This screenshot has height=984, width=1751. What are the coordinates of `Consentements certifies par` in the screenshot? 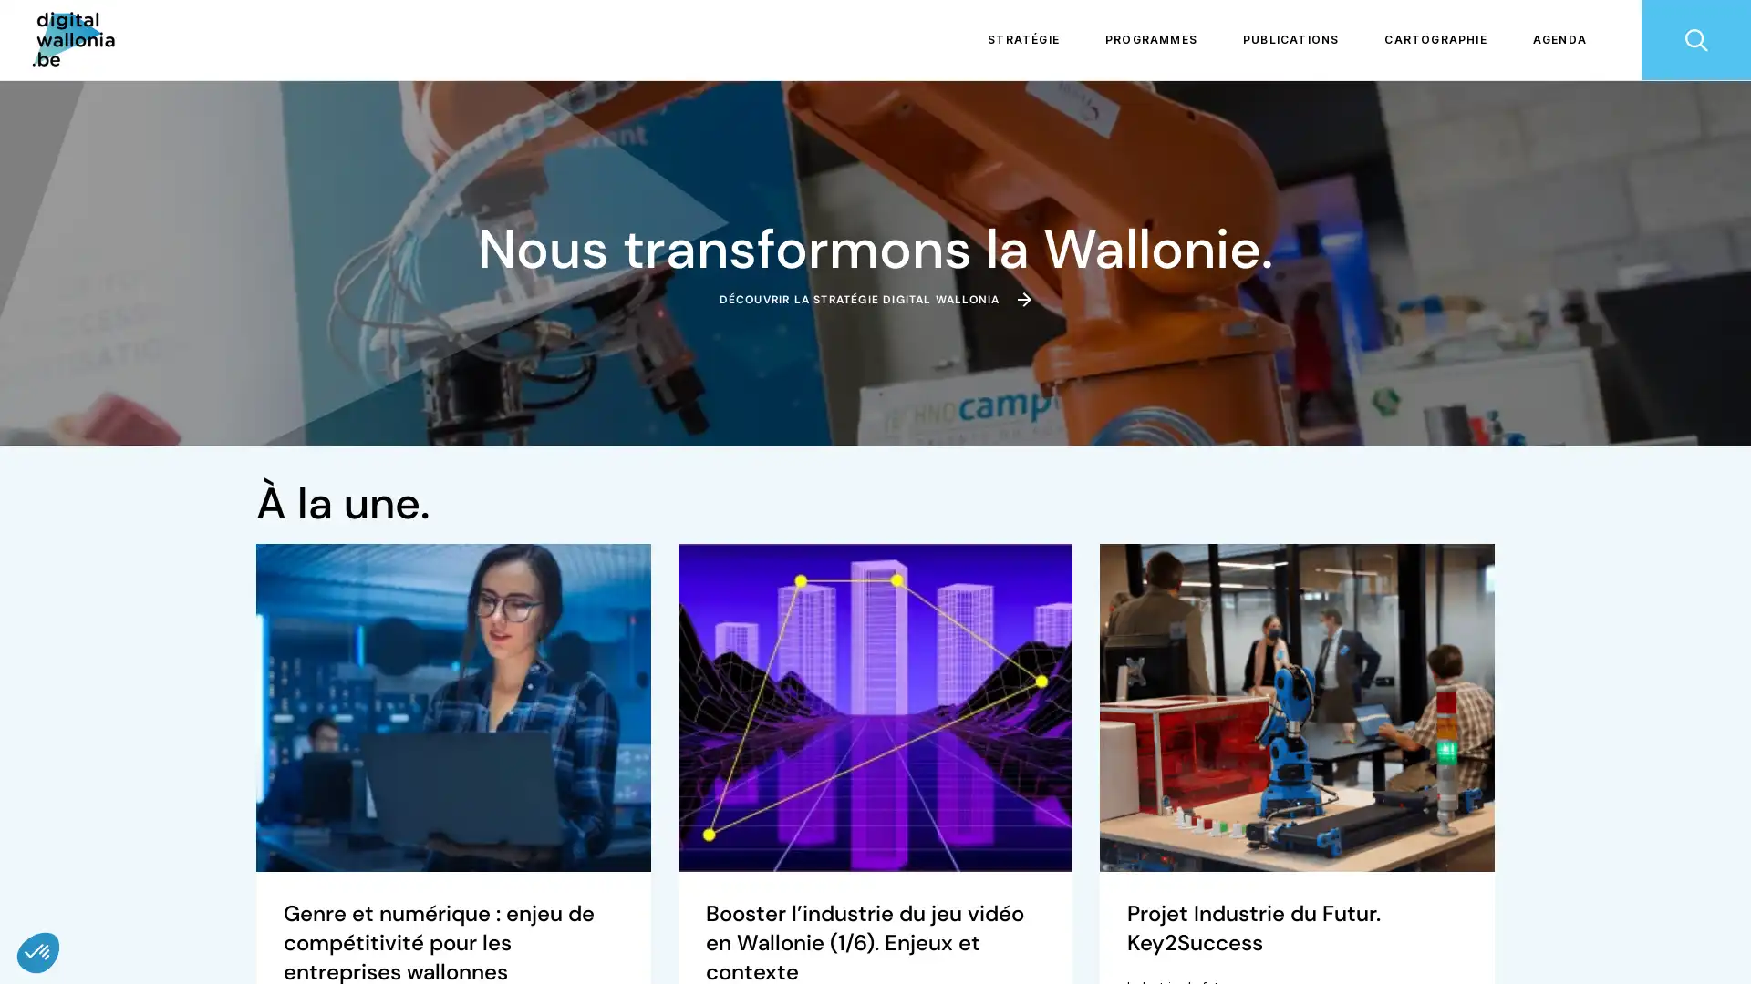 It's located at (209, 860).